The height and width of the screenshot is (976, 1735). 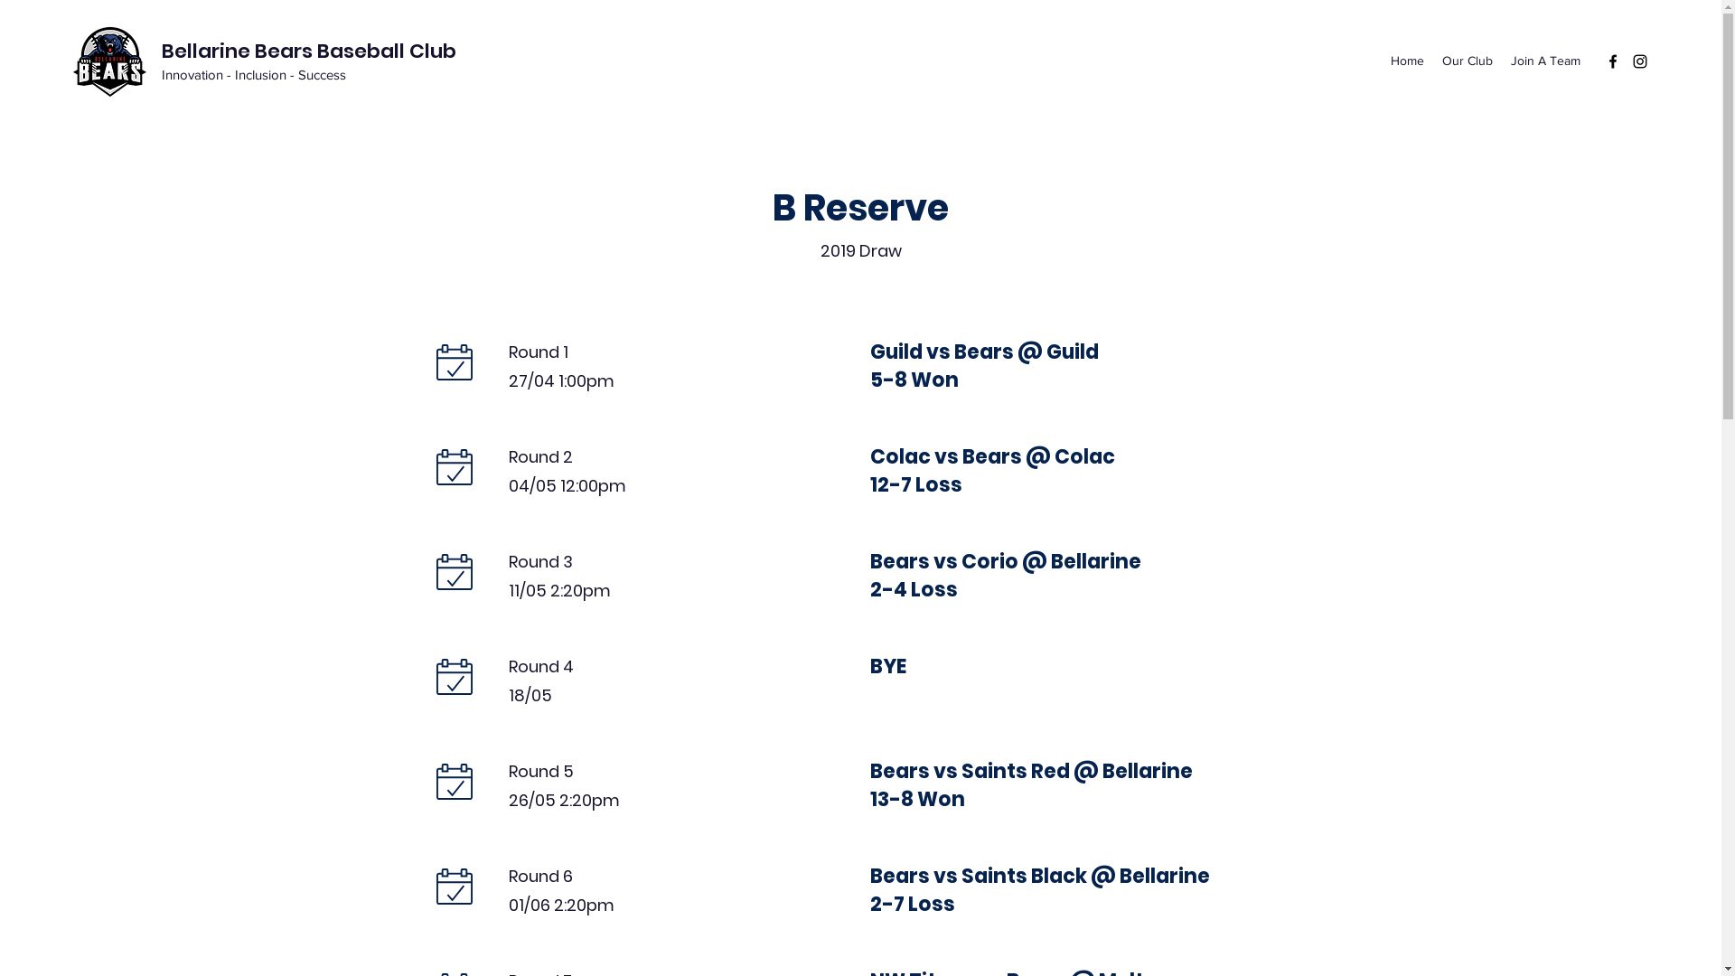 What do you see at coordinates (1381, 60) in the screenshot?
I see `'Home'` at bounding box center [1381, 60].